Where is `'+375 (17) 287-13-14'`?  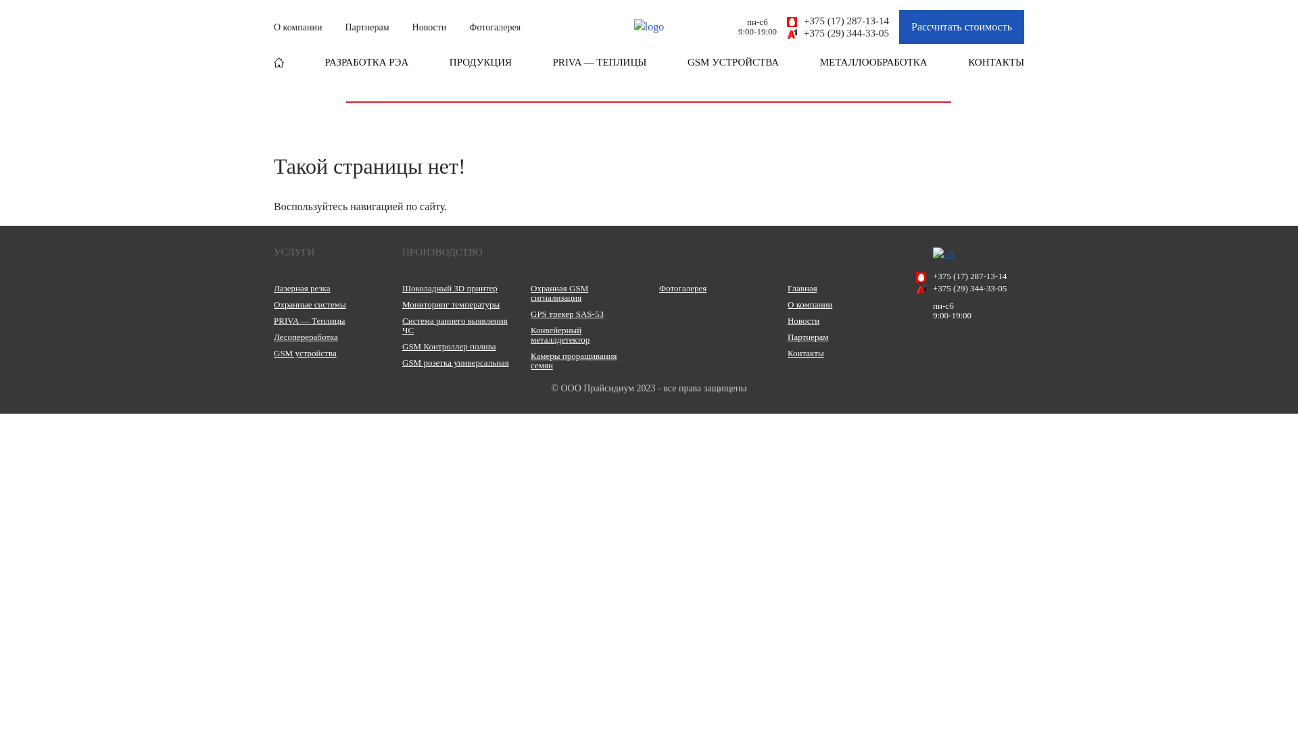 '+375 (17) 287-13-14' is located at coordinates (837, 20).